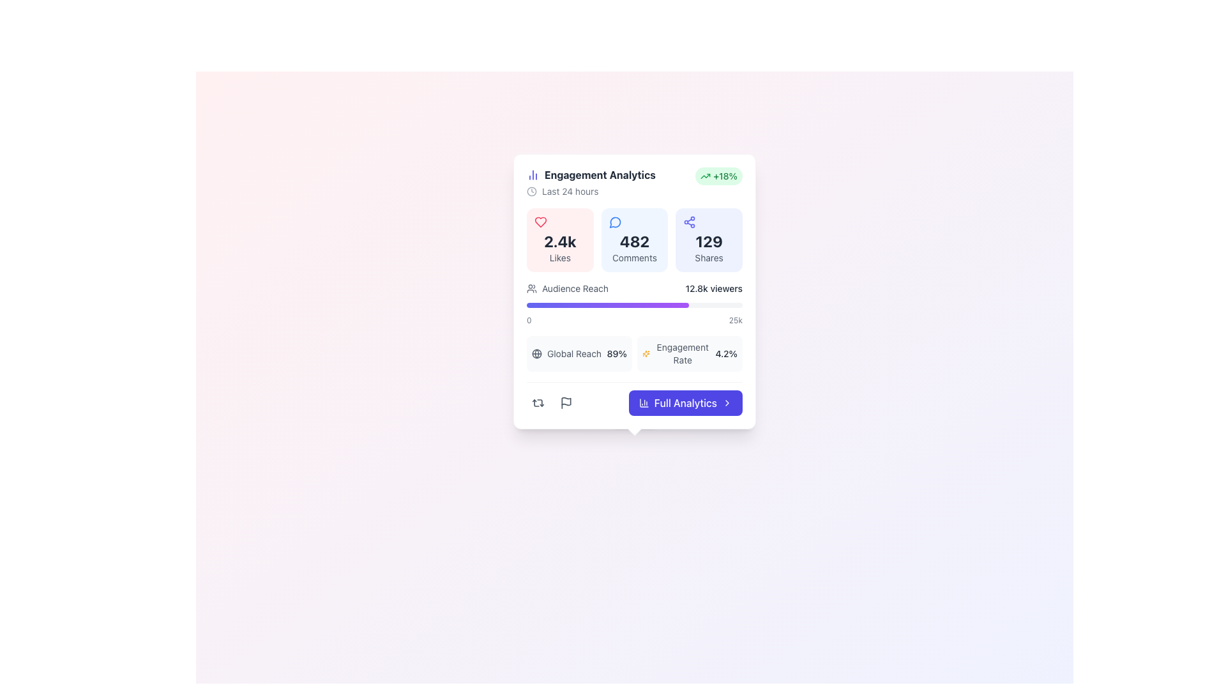 Image resolution: width=1226 pixels, height=690 pixels. Describe the element at coordinates (607, 305) in the screenshot. I see `the progress bar segment filled with a gradient color transitioning from indigo to purple, which occupies the first three-quarters of the progress bar below the 'Audience Reach' label` at that location.